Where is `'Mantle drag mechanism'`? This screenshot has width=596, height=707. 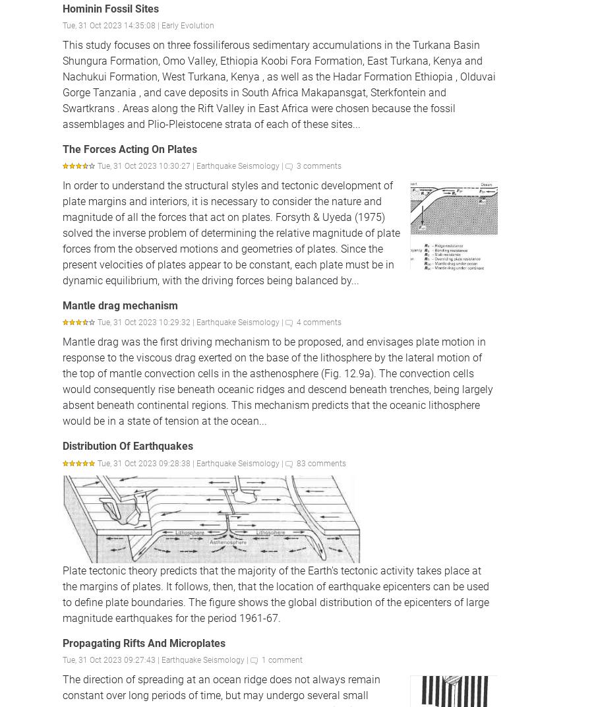 'Mantle drag mechanism' is located at coordinates (120, 305).